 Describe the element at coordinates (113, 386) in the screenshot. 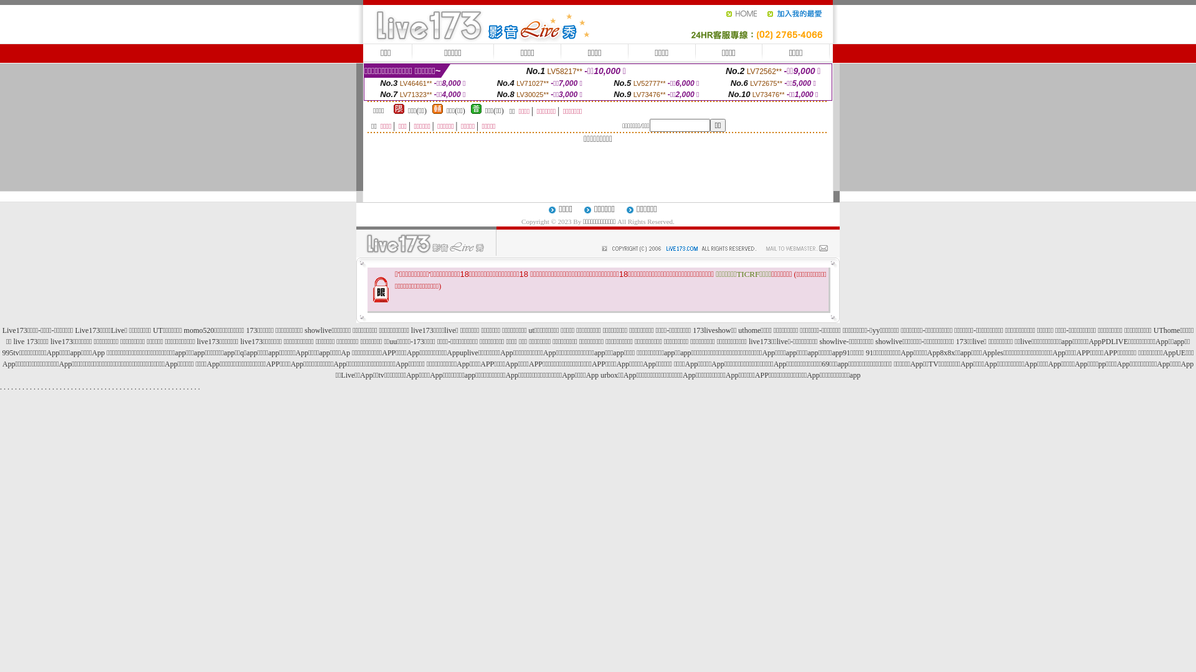

I see `'.'` at that location.